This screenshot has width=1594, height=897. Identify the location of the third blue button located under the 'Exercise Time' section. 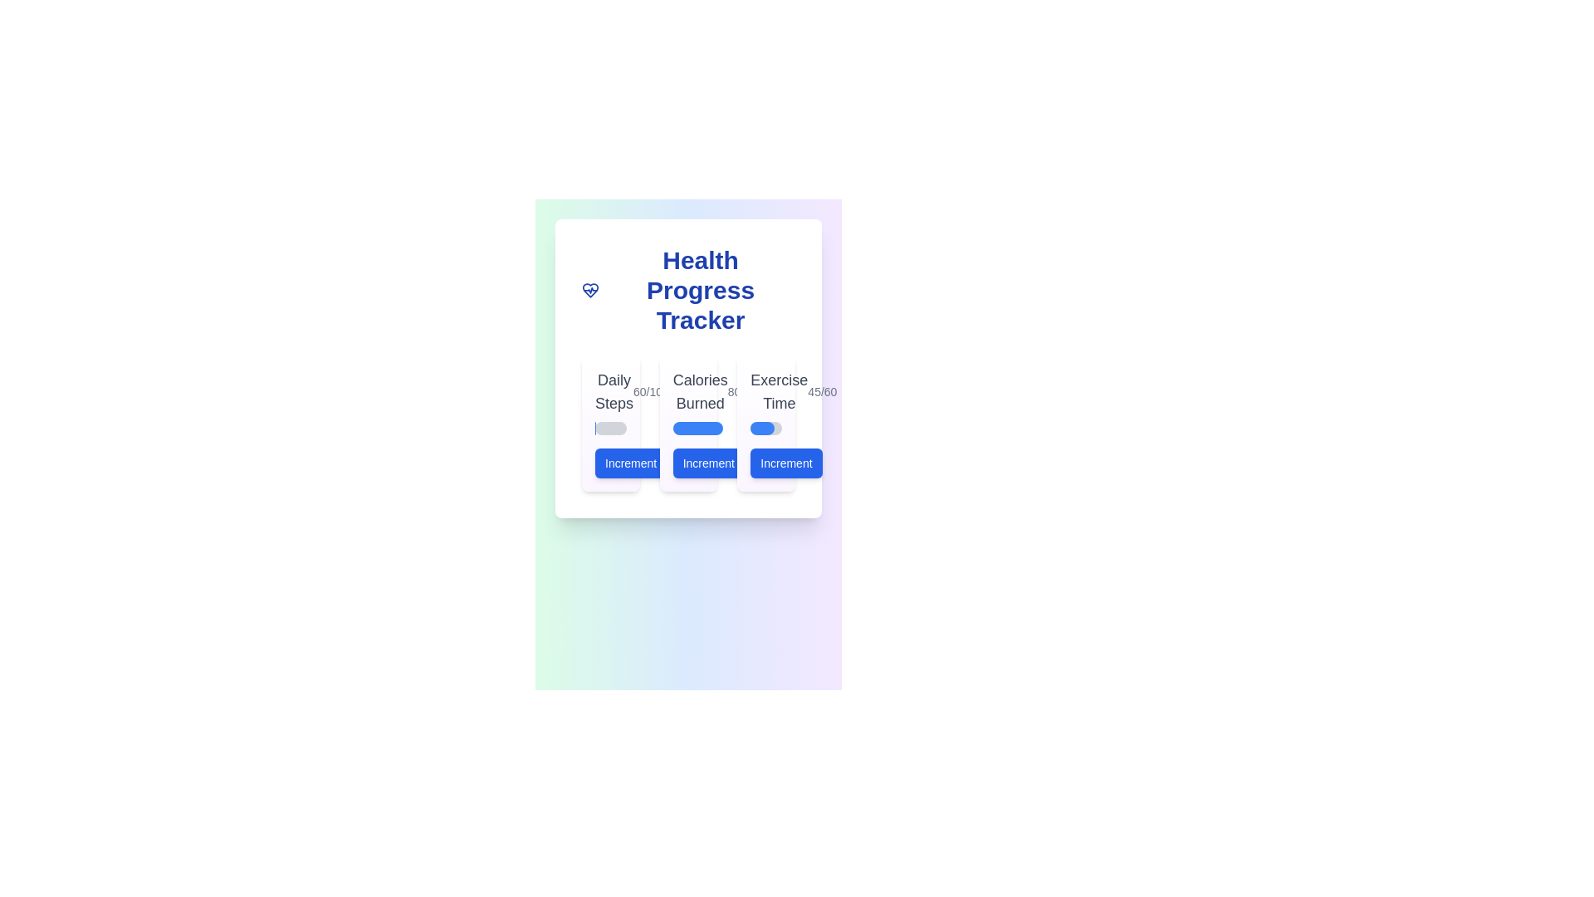
(785, 463).